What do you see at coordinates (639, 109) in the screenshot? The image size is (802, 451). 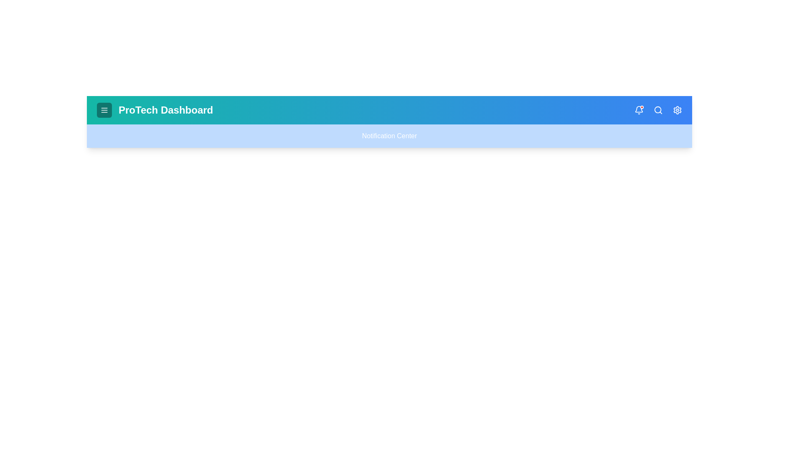 I see `the bell icon to toggle the notification center` at bounding box center [639, 109].